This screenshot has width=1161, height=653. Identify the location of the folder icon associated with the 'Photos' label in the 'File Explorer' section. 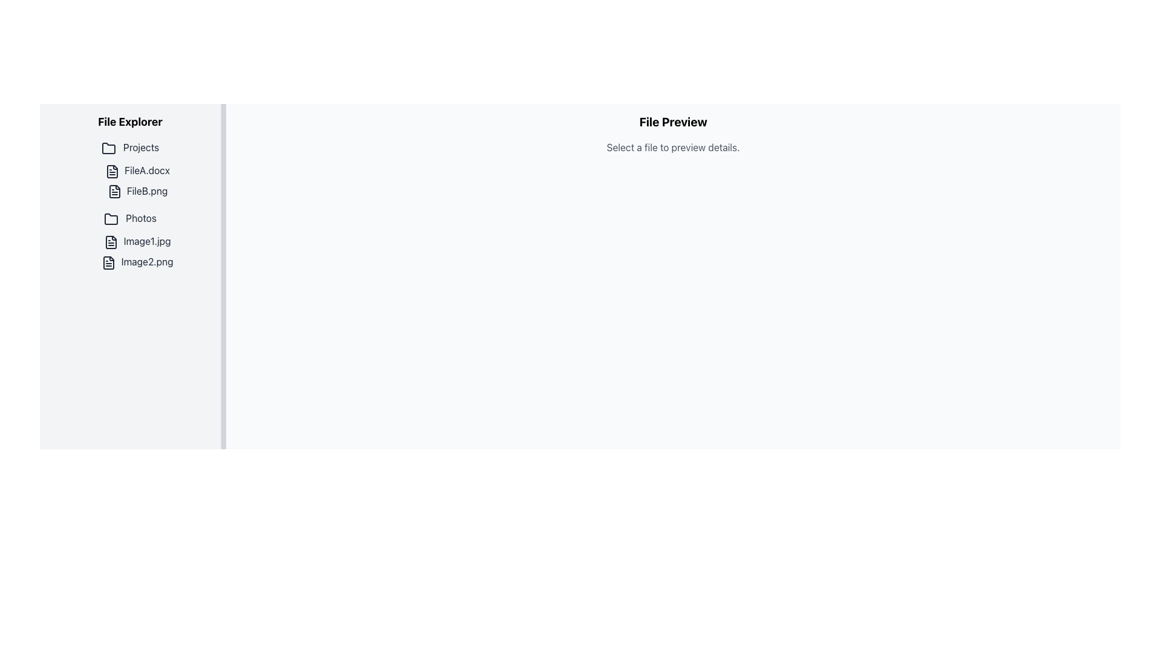
(111, 219).